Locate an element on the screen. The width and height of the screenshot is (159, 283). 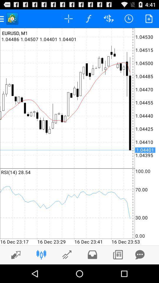
2nd icon at the bottom of the page is located at coordinates (41, 254).